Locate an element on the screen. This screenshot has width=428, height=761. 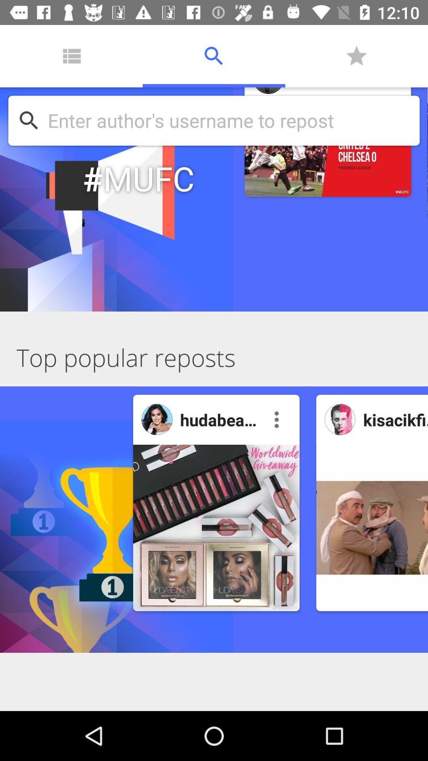
profile is located at coordinates (340, 419).